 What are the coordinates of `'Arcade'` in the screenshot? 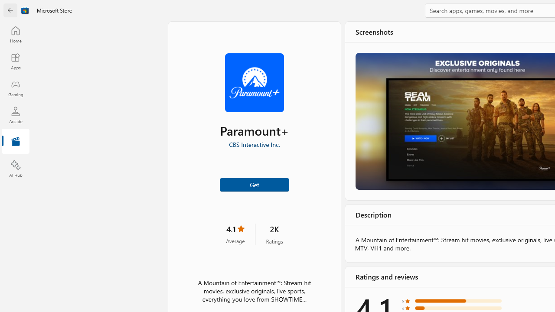 It's located at (15, 114).